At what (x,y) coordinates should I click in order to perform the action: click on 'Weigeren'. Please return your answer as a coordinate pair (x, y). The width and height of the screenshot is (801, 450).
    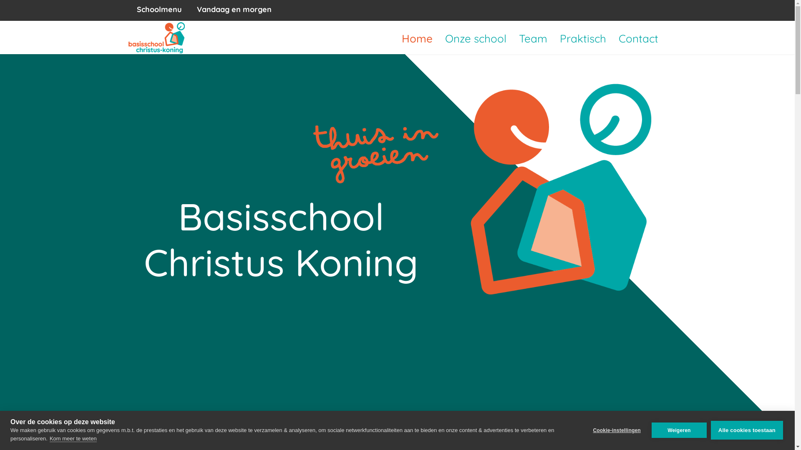
    Looking at the image, I should click on (679, 430).